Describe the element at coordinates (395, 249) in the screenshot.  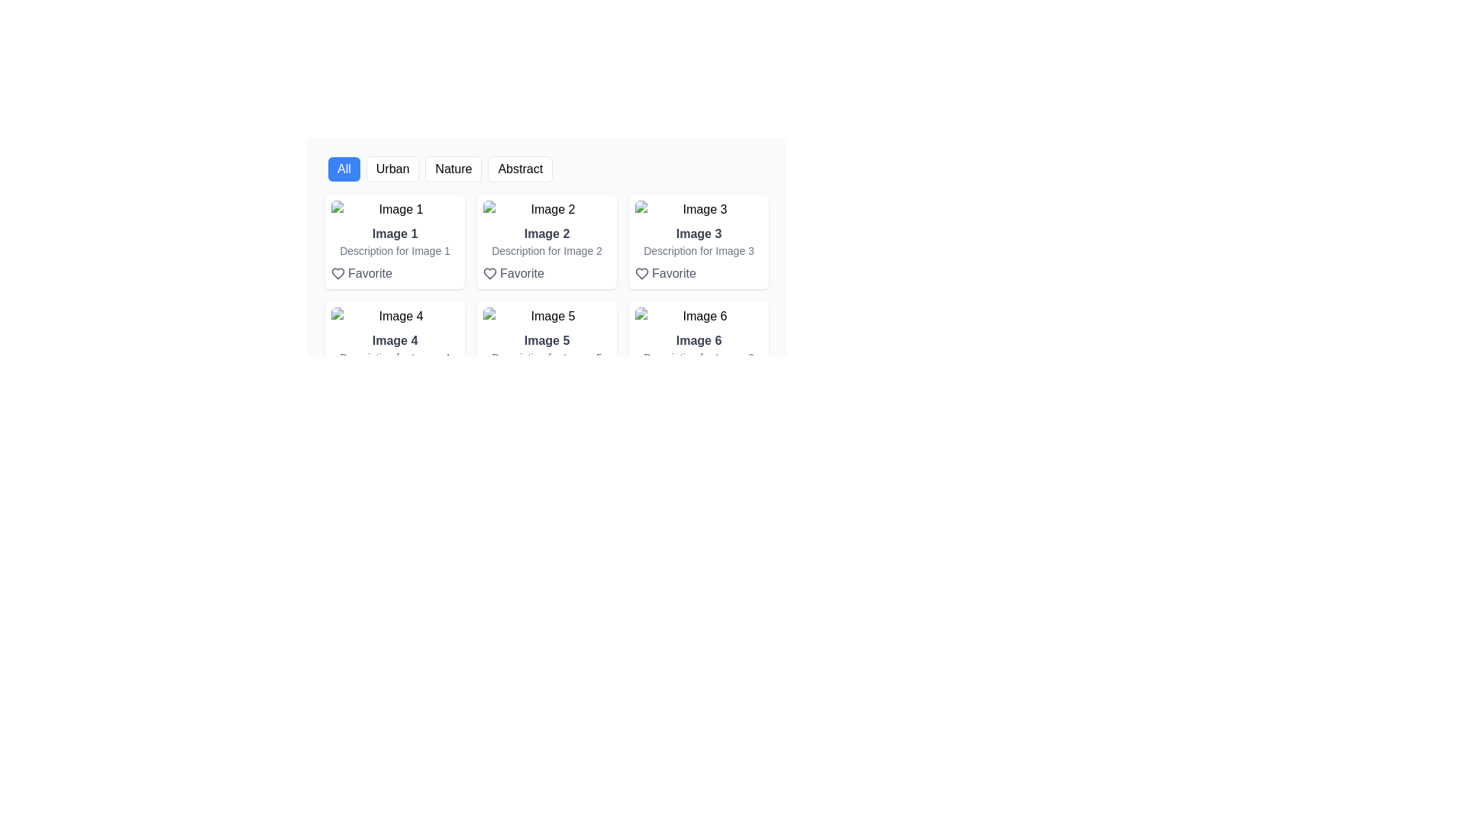
I see `the text label that provides a brief description or subtitle for the image displayed in the card, located below the title 'Image 1' and above the 'Favorite' action in the first card of the grid` at that location.